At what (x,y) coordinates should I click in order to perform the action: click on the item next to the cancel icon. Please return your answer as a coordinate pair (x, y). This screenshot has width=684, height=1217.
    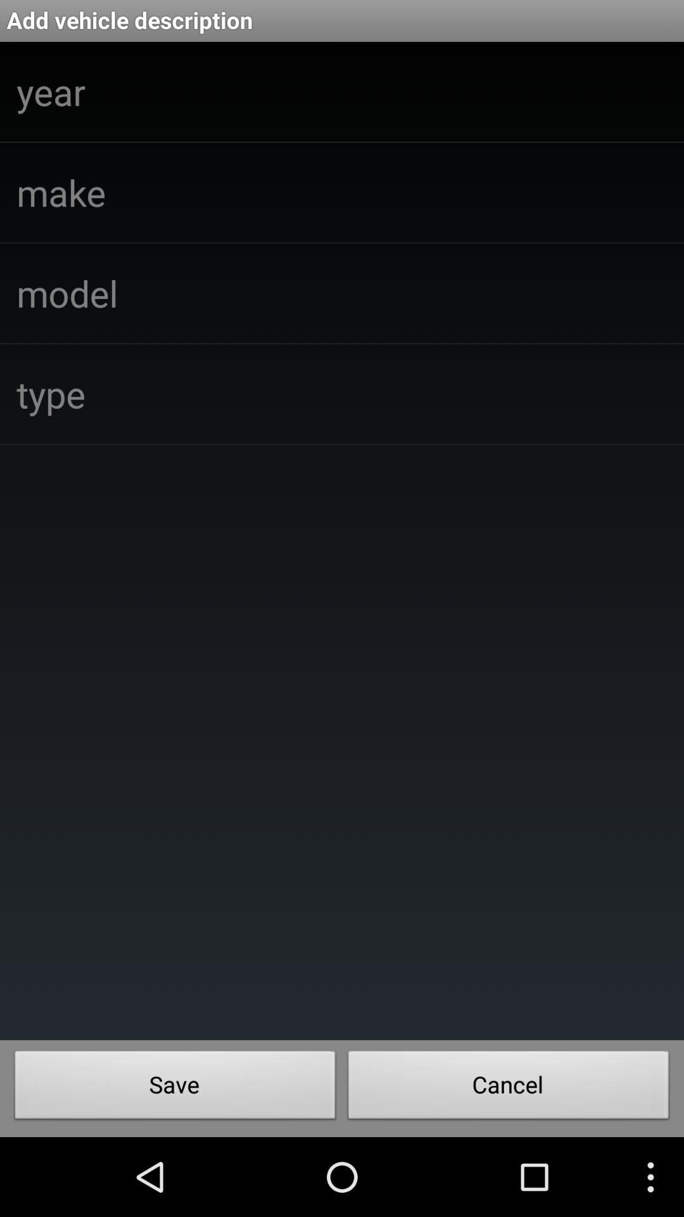
    Looking at the image, I should click on (175, 1088).